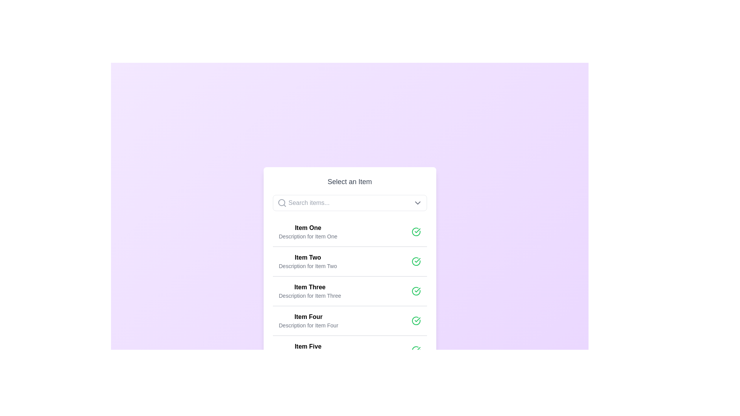  What do you see at coordinates (308, 317) in the screenshot?
I see `the bold, black-colored text label reading 'Item Four', which is the fourth item in a vertically aligned list within a modal interface` at bounding box center [308, 317].